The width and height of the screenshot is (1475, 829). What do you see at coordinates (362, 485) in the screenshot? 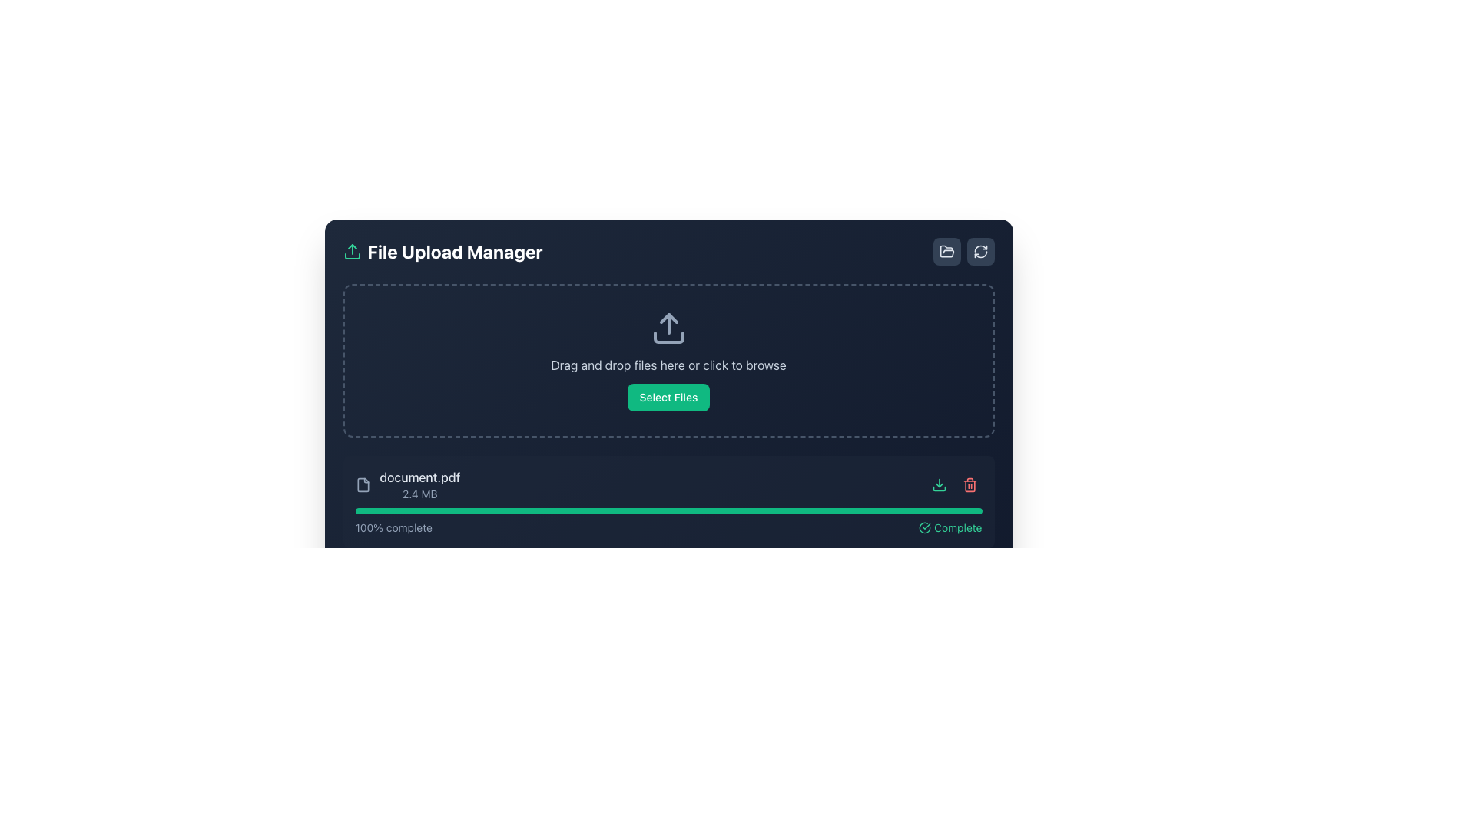
I see `the file icon representing 'document.pdf', which is a slate gray square document with a folded corner, located in the upload list section` at bounding box center [362, 485].